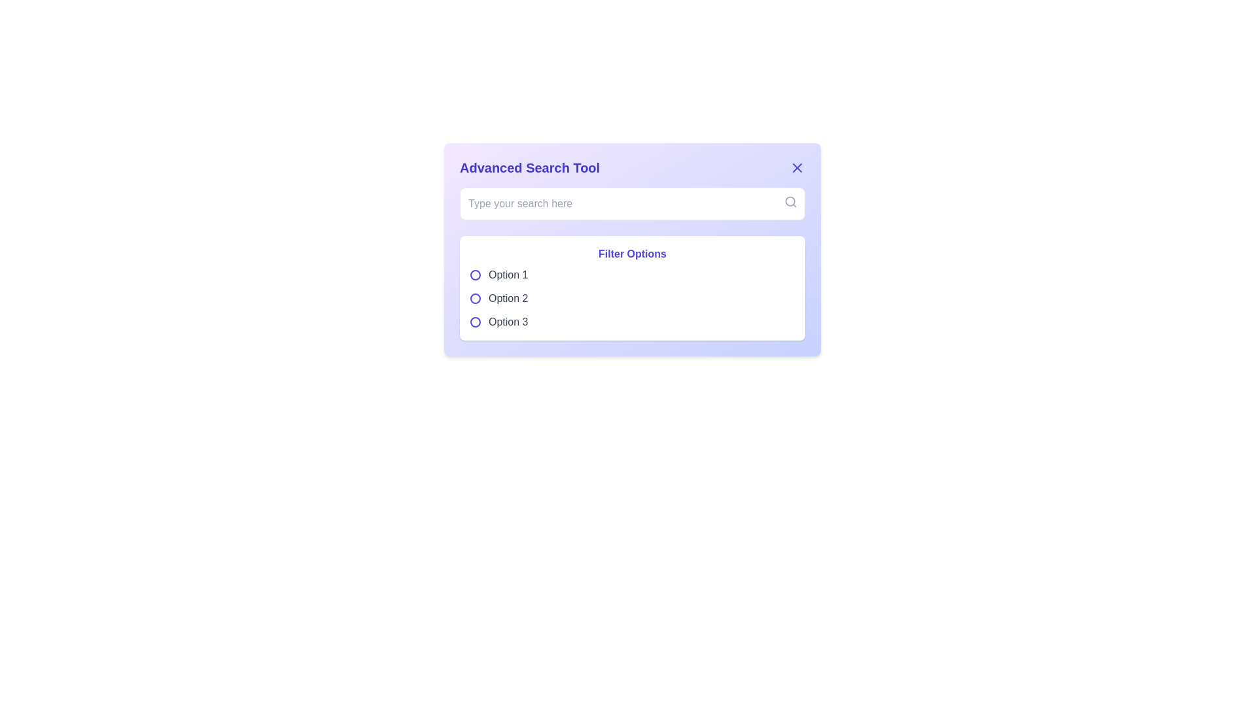  Describe the element at coordinates (790, 201) in the screenshot. I see `the circular part of the magnifying glass icon located at the far right of the search input field` at that location.